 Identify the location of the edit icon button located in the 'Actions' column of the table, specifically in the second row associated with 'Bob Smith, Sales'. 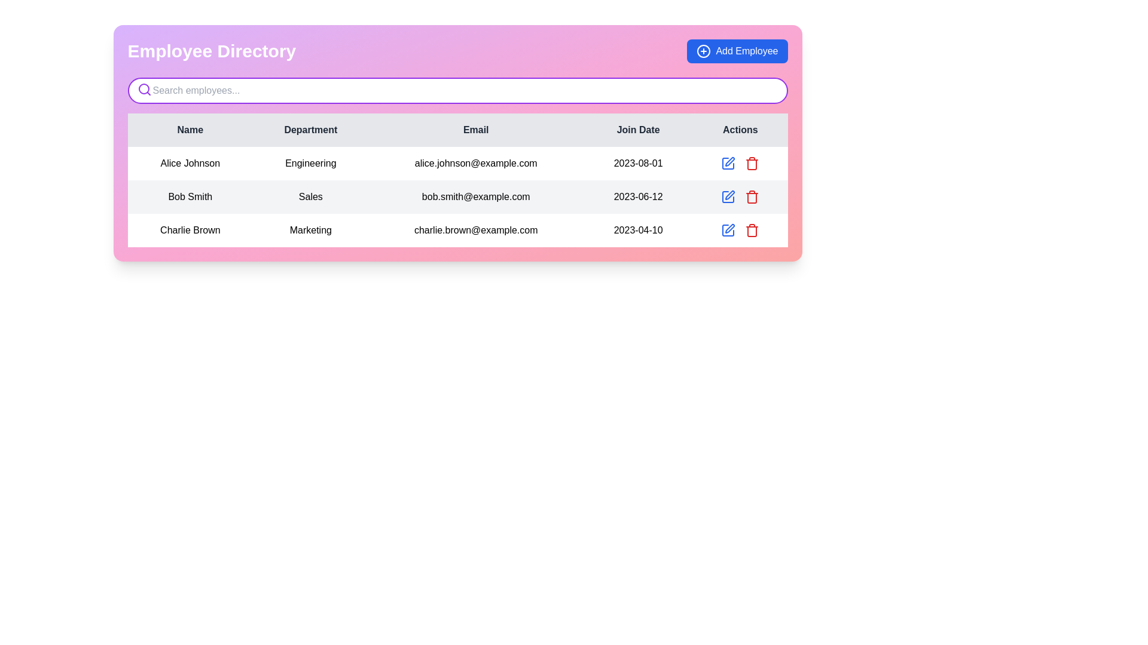
(729, 195).